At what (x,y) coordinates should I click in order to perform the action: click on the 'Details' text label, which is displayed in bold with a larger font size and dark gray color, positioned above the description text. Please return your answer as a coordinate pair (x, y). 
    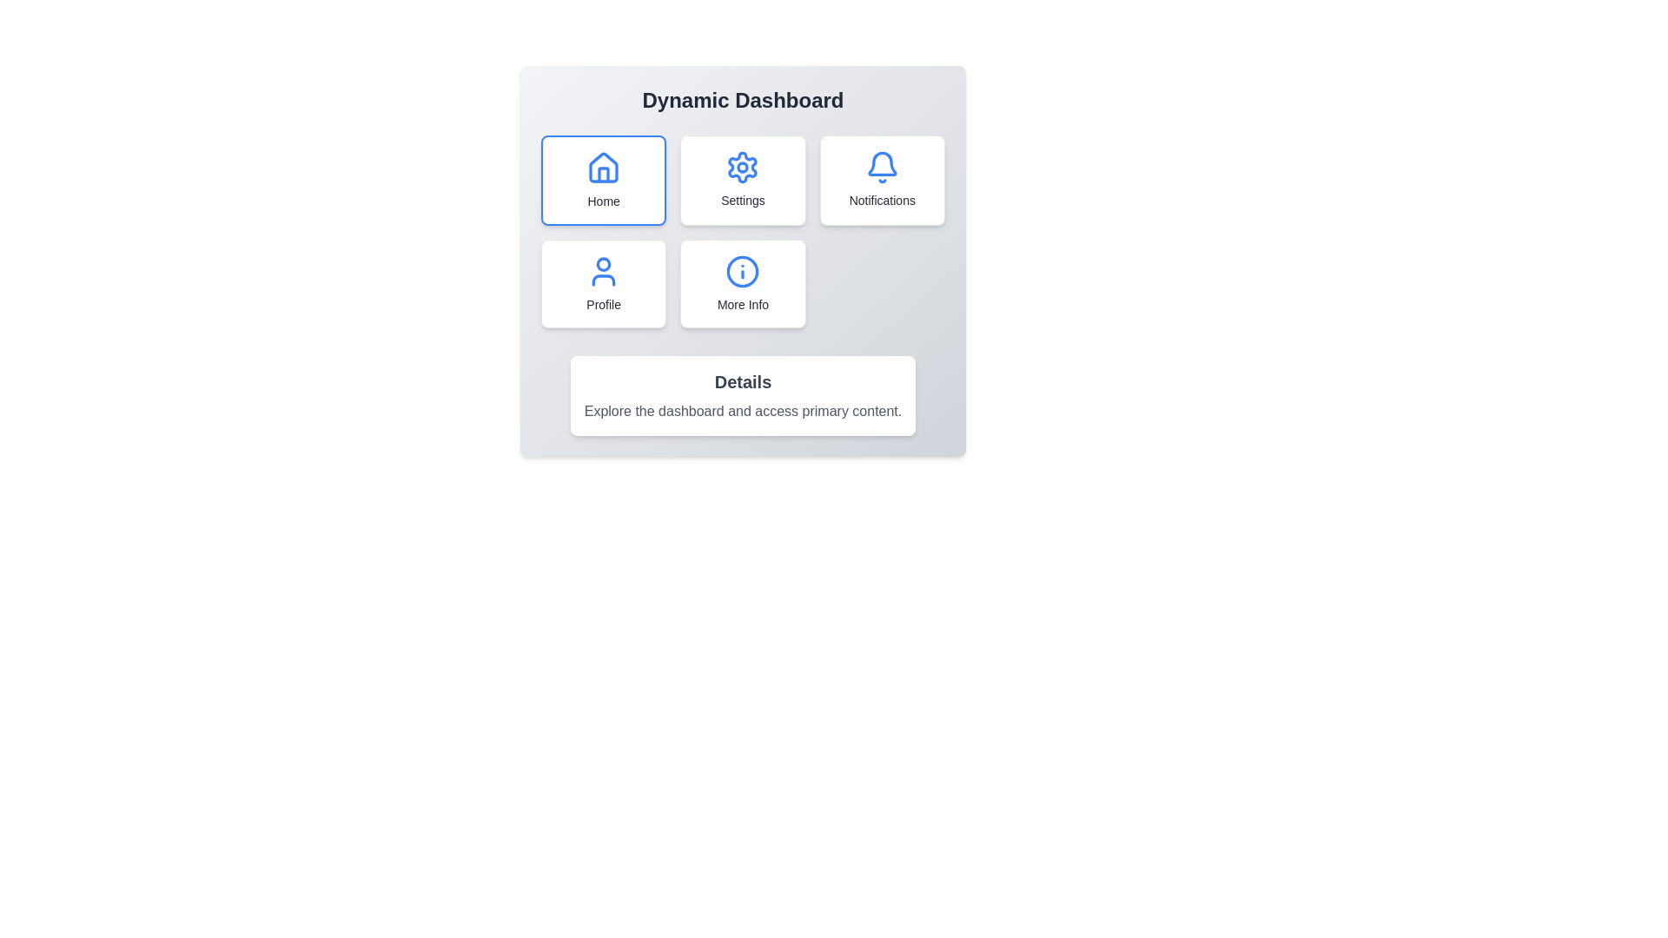
    Looking at the image, I should click on (743, 380).